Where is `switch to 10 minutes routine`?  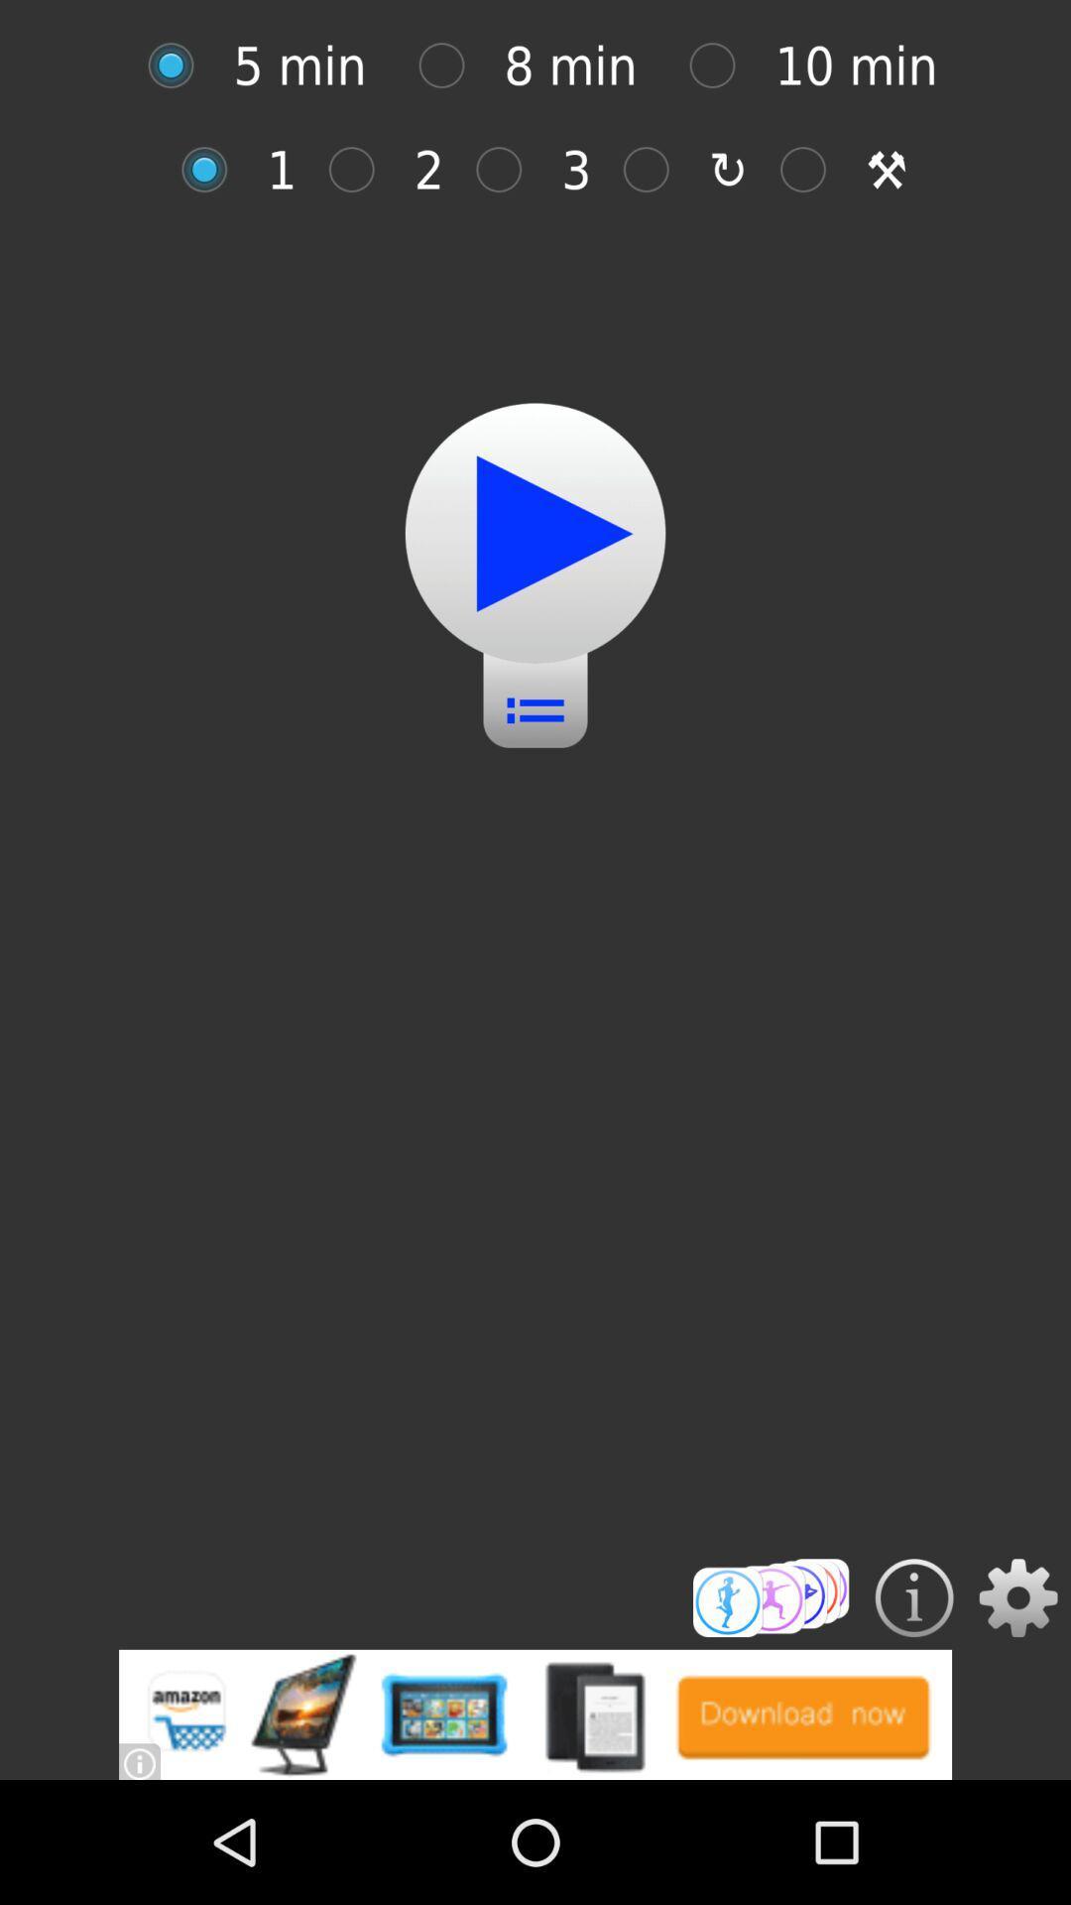 switch to 10 minutes routine is located at coordinates (723, 65).